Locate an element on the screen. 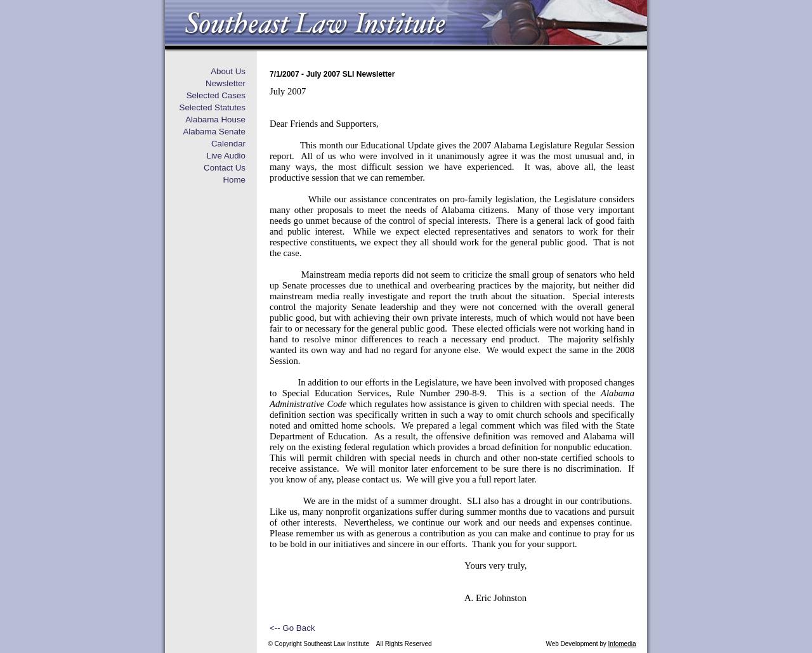 The image size is (812, 653). 'While our assistance concentrates on pro-family legislation, the Legislature considers many other proposals to meet the needs of' is located at coordinates (452, 204).